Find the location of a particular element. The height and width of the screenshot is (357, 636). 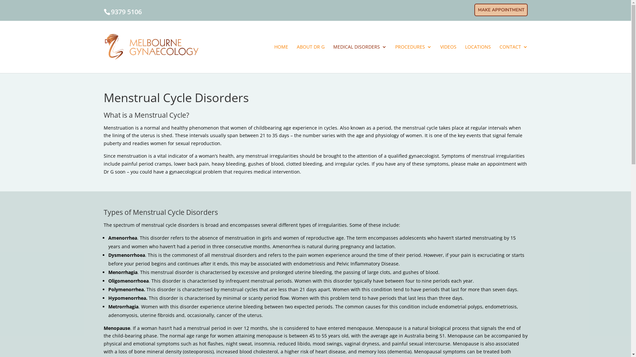

'CONTACT' is located at coordinates (499, 58).